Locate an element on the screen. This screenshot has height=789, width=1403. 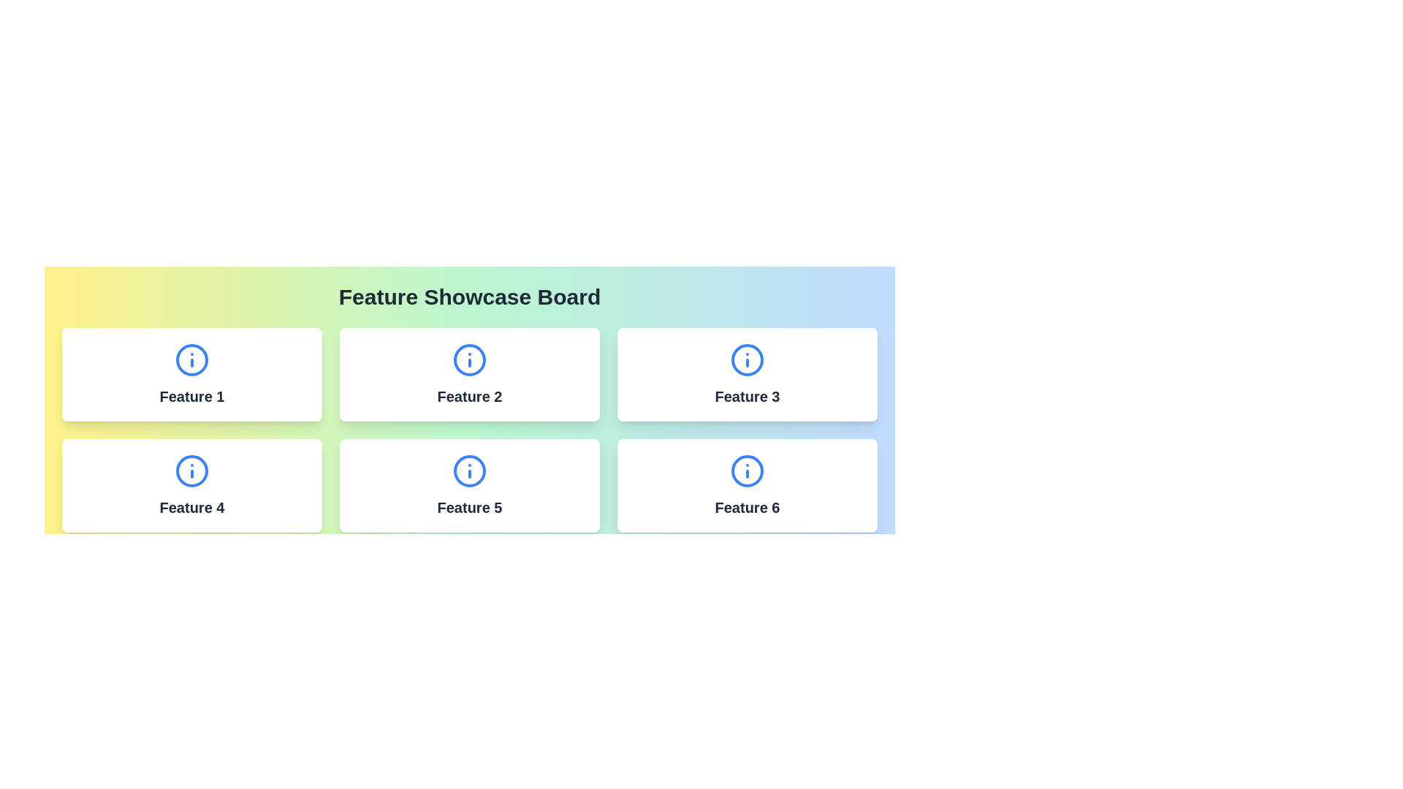
the circular information icon located within the 'Feature 5' card in the second row and second column of the feature showcase grid is located at coordinates (470, 470).